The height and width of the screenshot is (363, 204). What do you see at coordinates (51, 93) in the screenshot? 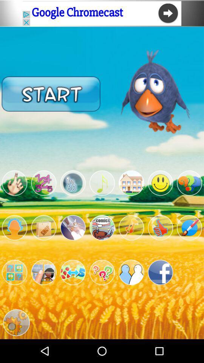
I see `start playing` at bounding box center [51, 93].